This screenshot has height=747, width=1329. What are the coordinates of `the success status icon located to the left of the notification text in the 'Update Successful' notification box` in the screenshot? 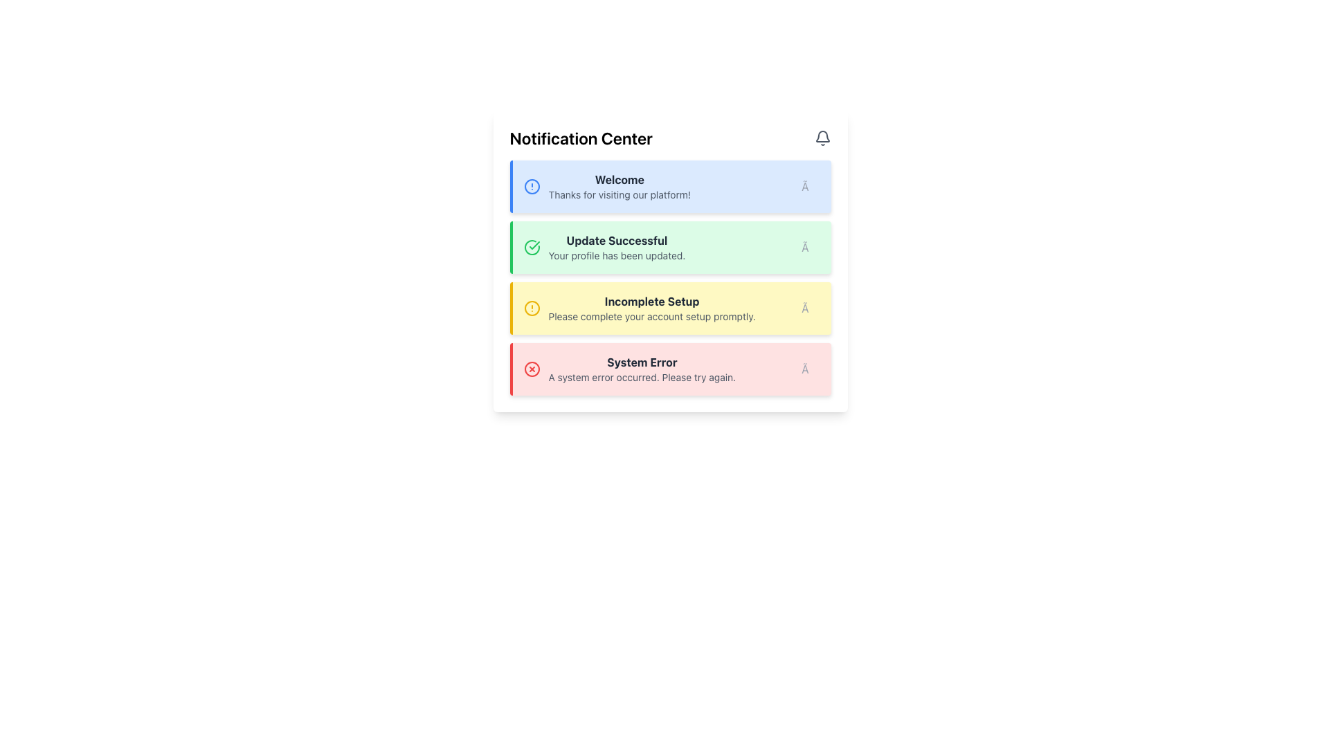 It's located at (531, 247).